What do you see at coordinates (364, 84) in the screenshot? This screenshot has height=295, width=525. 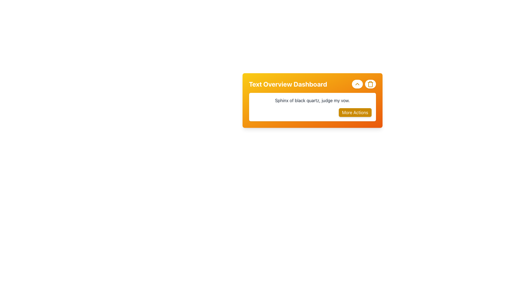 I see `the button consisting of two interactive icons (an upward-facing chevron and a trash can) located in the top-right corner of the 'Text Overview Dashboard'` at bounding box center [364, 84].